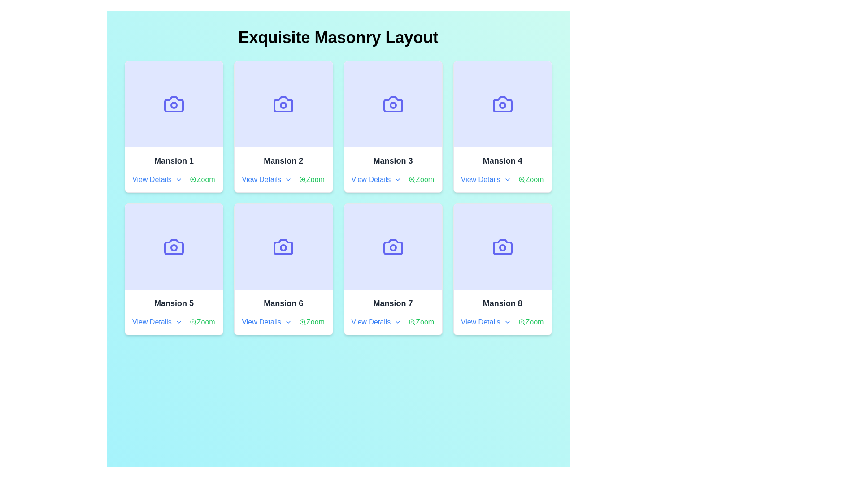  Describe the element at coordinates (531, 321) in the screenshot. I see `the interactive link labeled 'Zoom' with a magnifying glass icon` at that location.